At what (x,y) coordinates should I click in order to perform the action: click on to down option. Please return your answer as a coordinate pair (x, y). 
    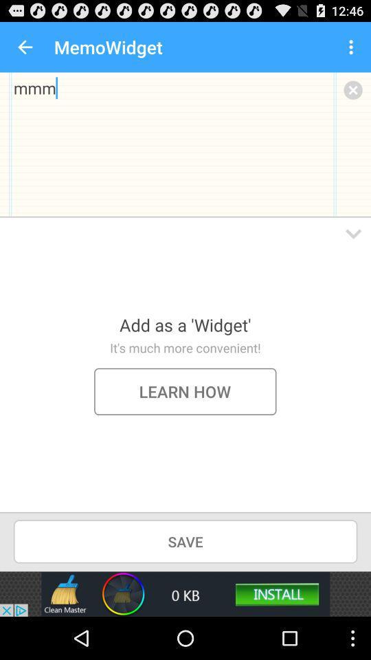
    Looking at the image, I should click on (353, 234).